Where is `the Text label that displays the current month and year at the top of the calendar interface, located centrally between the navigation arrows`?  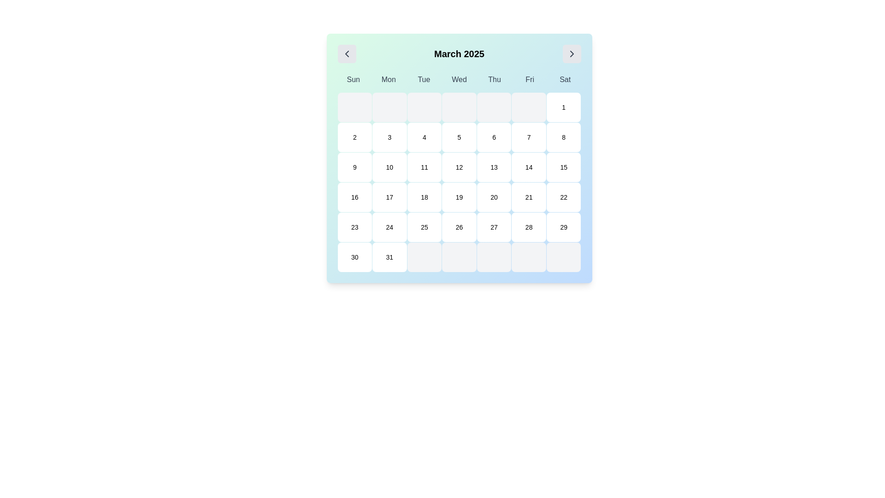
the Text label that displays the current month and year at the top of the calendar interface, located centrally between the navigation arrows is located at coordinates (459, 53).